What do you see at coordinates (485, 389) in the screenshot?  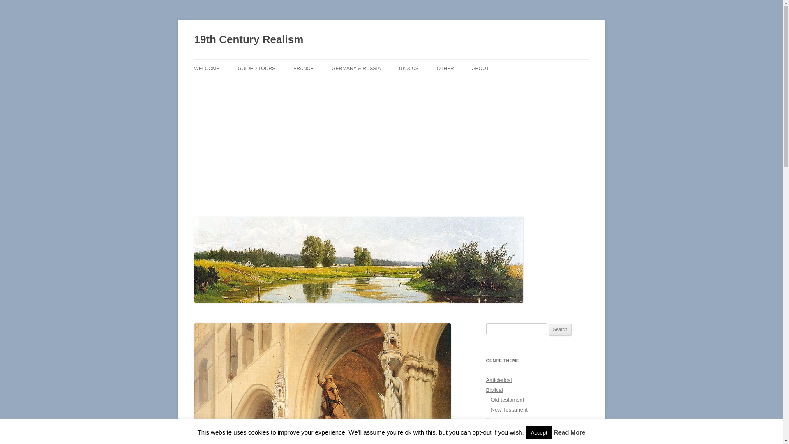 I see `'Biblical'` at bounding box center [485, 389].